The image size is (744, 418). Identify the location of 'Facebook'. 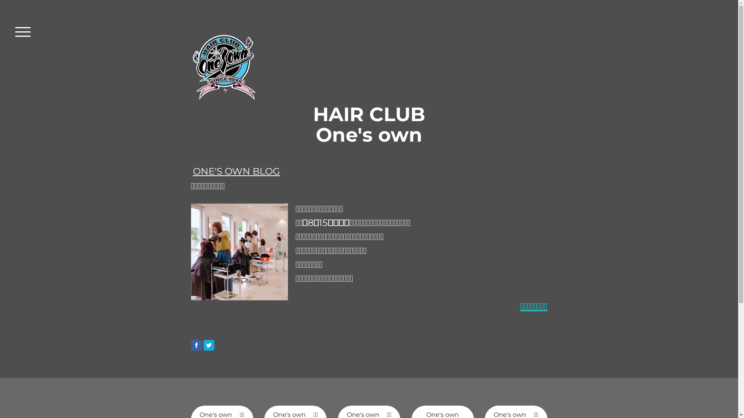
(196, 344).